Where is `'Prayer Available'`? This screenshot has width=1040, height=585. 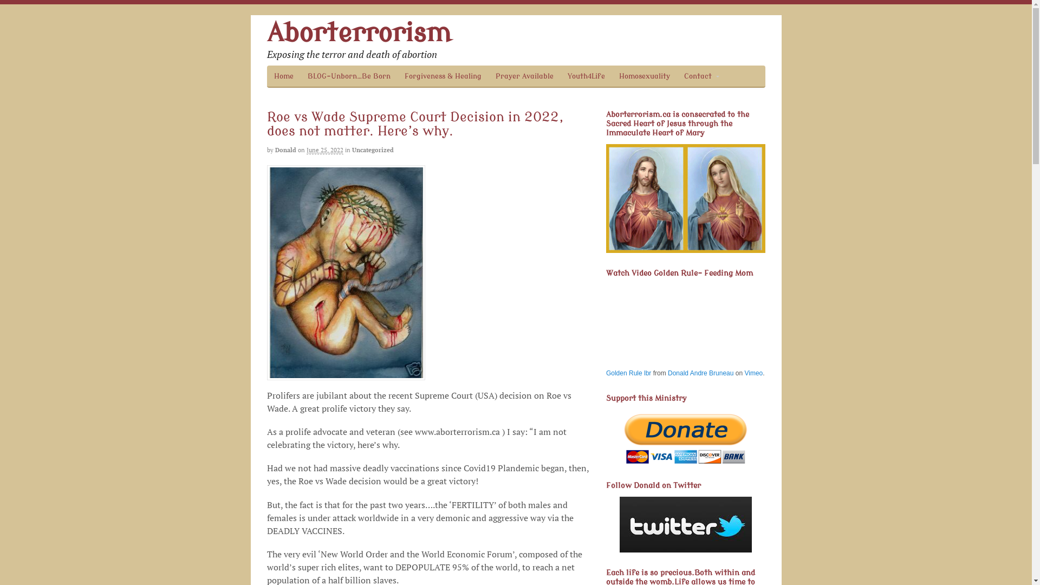
'Prayer Available' is located at coordinates (524, 75).